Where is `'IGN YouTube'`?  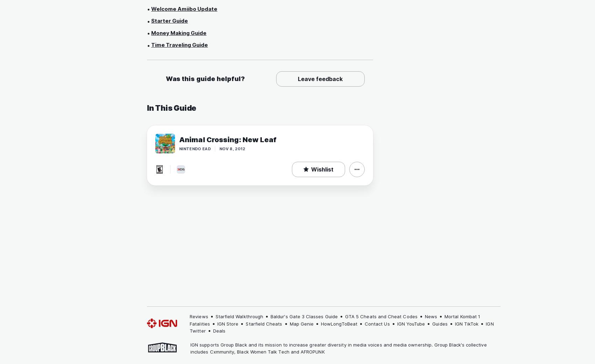 'IGN YouTube' is located at coordinates (411, 323).